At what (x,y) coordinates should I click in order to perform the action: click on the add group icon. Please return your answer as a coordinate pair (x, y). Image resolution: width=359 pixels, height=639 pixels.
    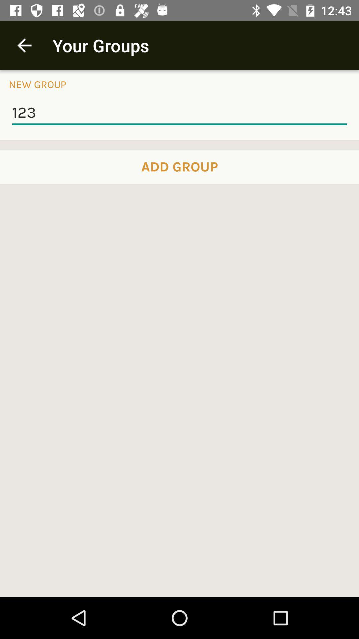
    Looking at the image, I should click on (179, 167).